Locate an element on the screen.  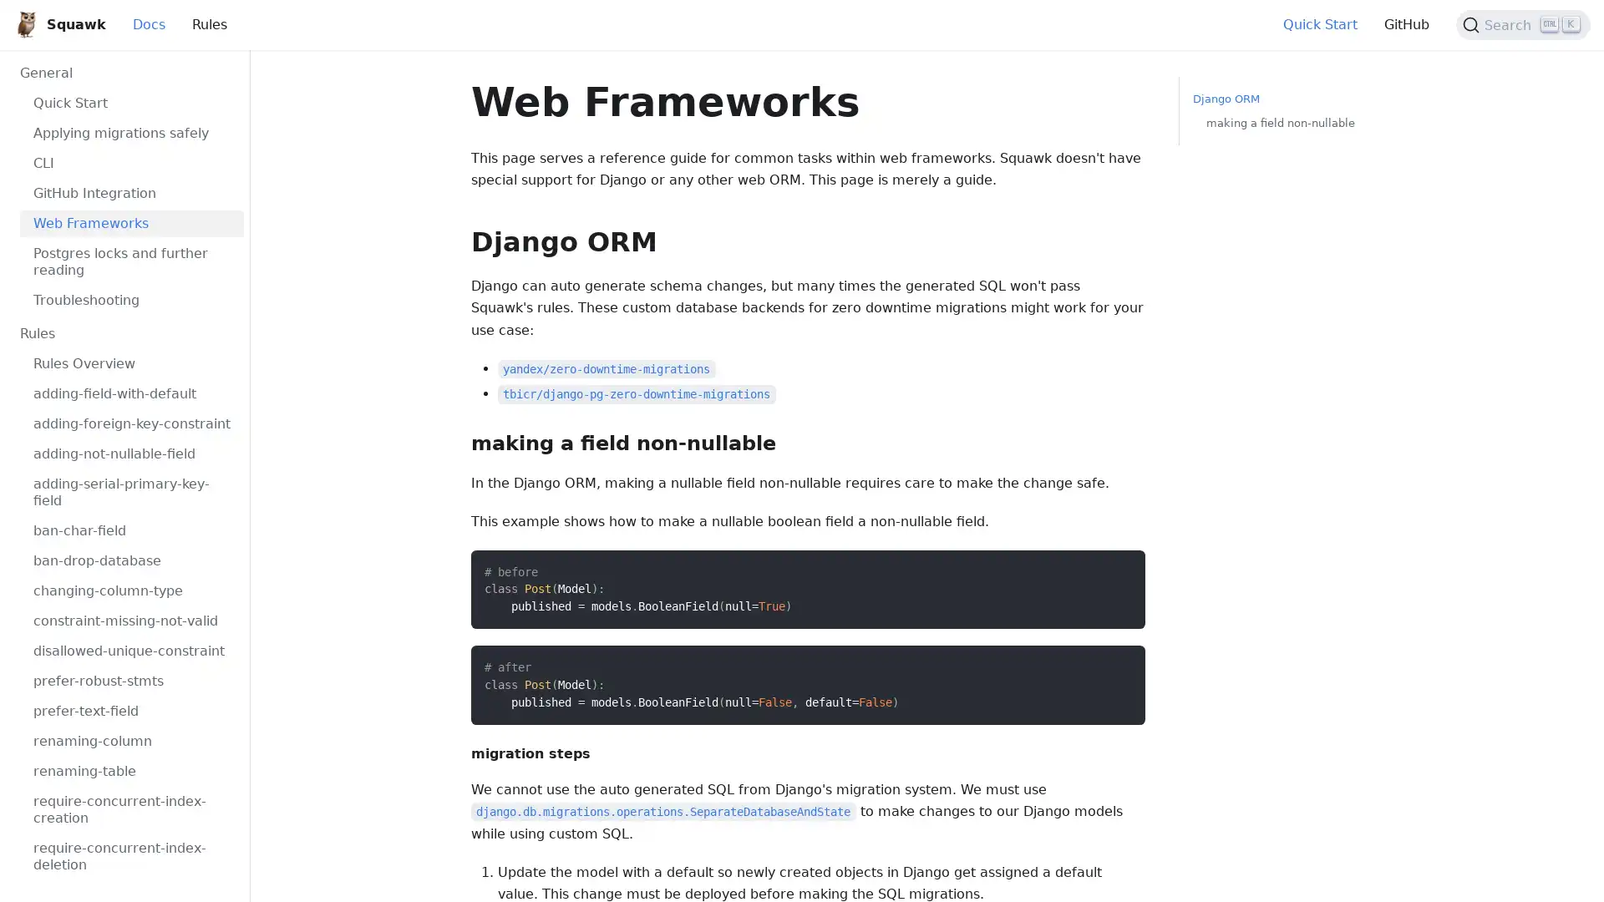
Copy code to clipboard is located at coordinates (1118, 566).